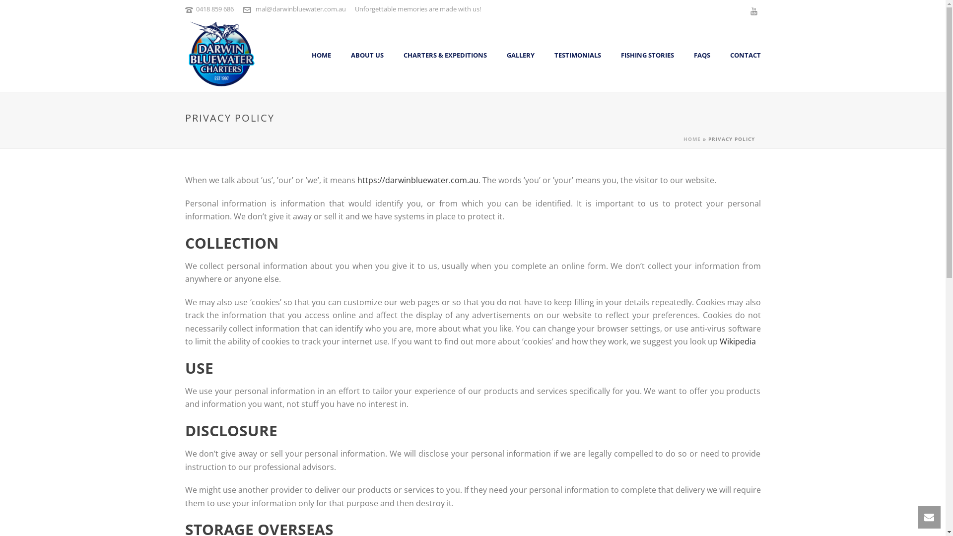 The width and height of the screenshot is (953, 536). Describe the element at coordinates (417, 180) in the screenshot. I see `'https://darwinbluewater.com.au'` at that location.